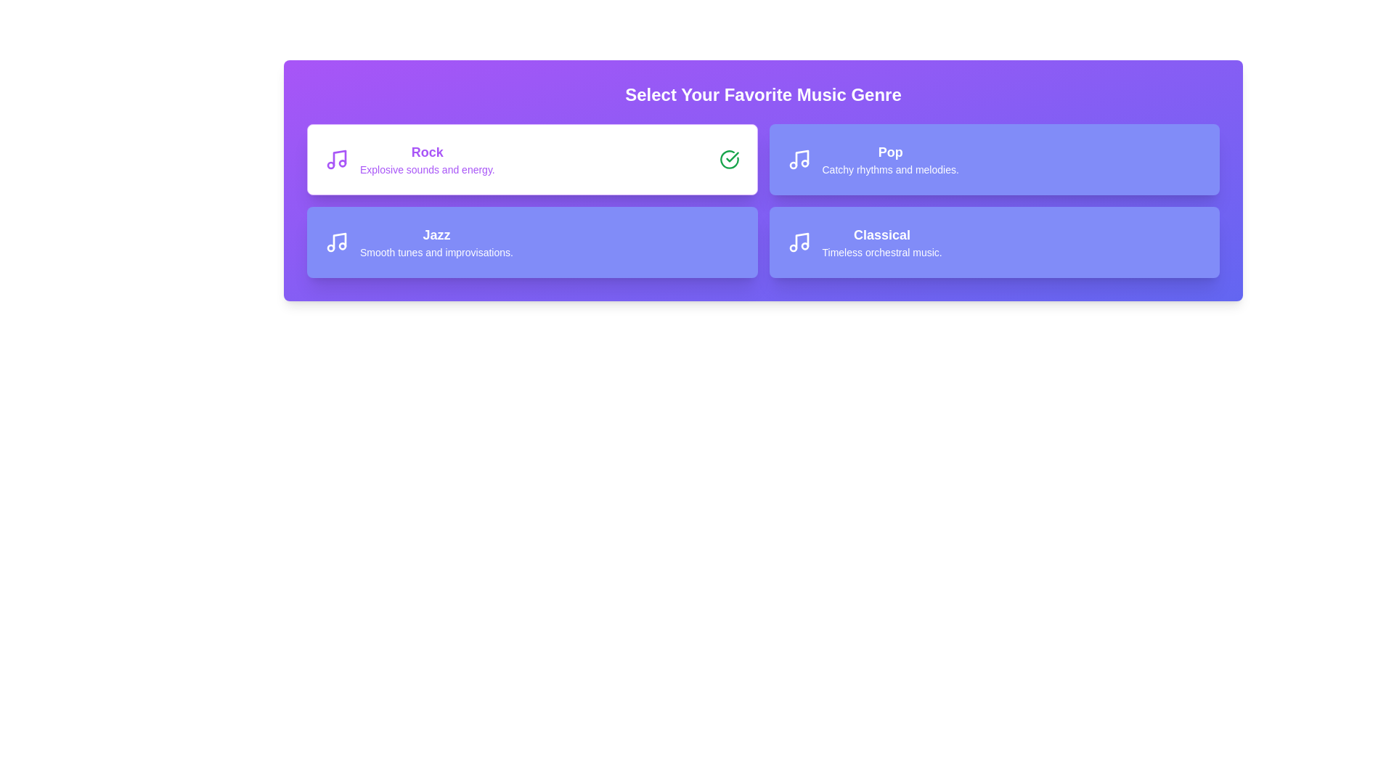 Image resolution: width=1394 pixels, height=784 pixels. Describe the element at coordinates (531, 242) in the screenshot. I see `the 'Jazz' interactive card in the music genre selection menu` at that location.